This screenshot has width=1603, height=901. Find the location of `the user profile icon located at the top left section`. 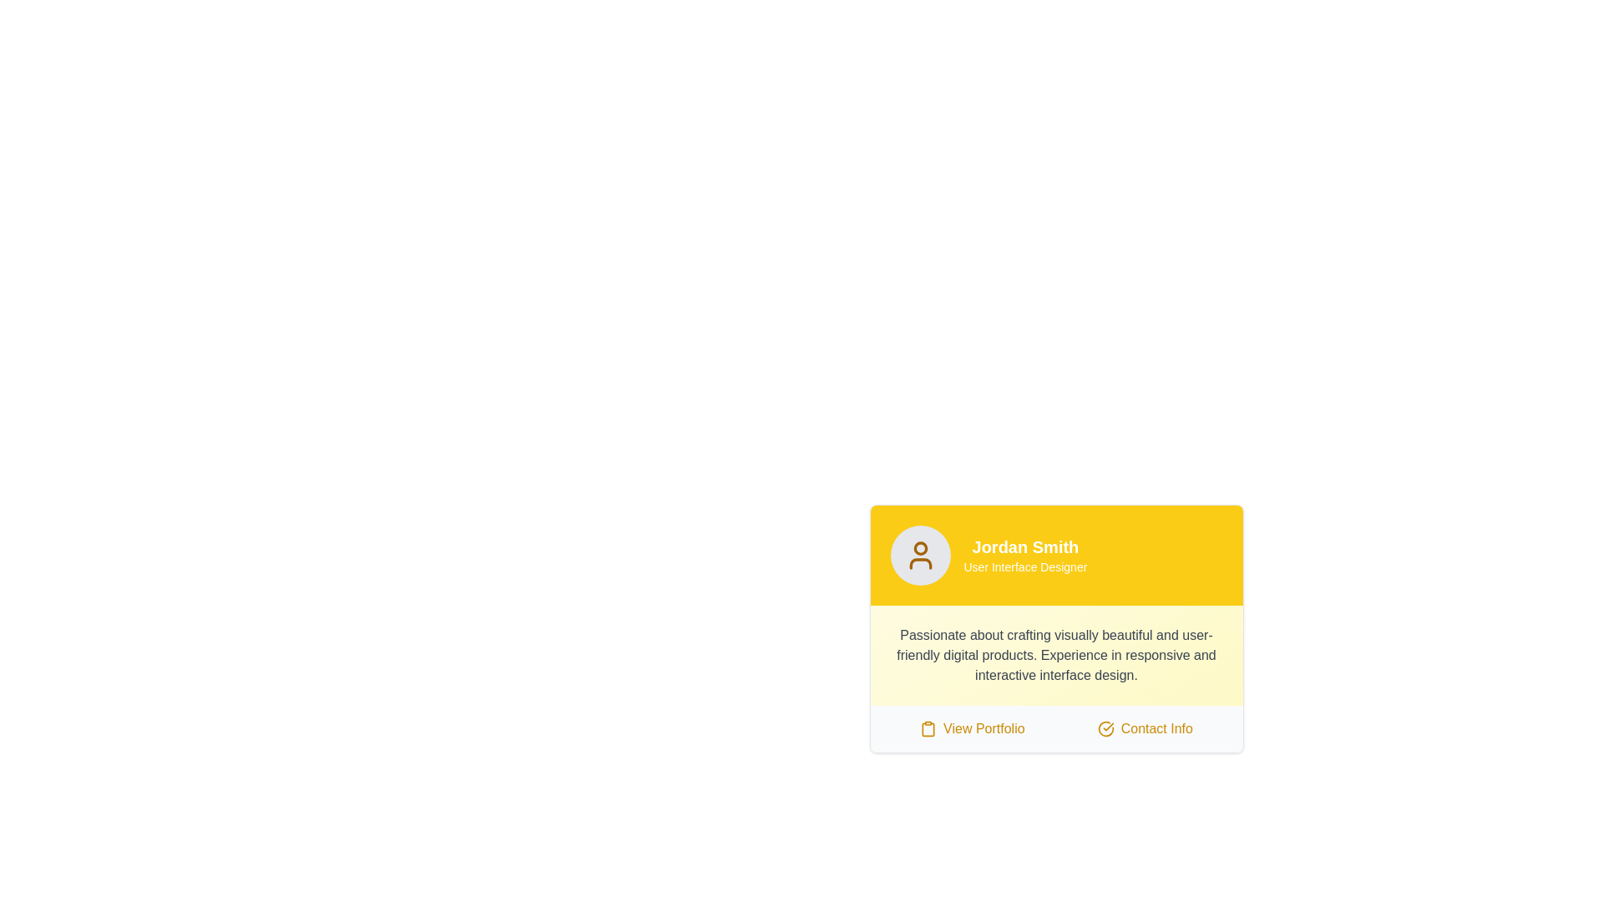

the user profile icon located at the top left section is located at coordinates (919, 556).